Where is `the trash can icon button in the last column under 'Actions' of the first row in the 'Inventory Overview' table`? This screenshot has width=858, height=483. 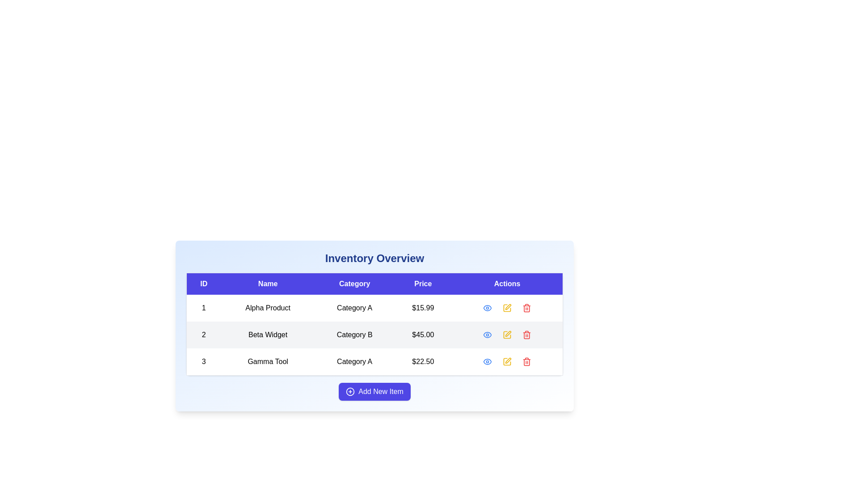 the trash can icon button in the last column under 'Actions' of the first row in the 'Inventory Overview' table is located at coordinates (527, 308).